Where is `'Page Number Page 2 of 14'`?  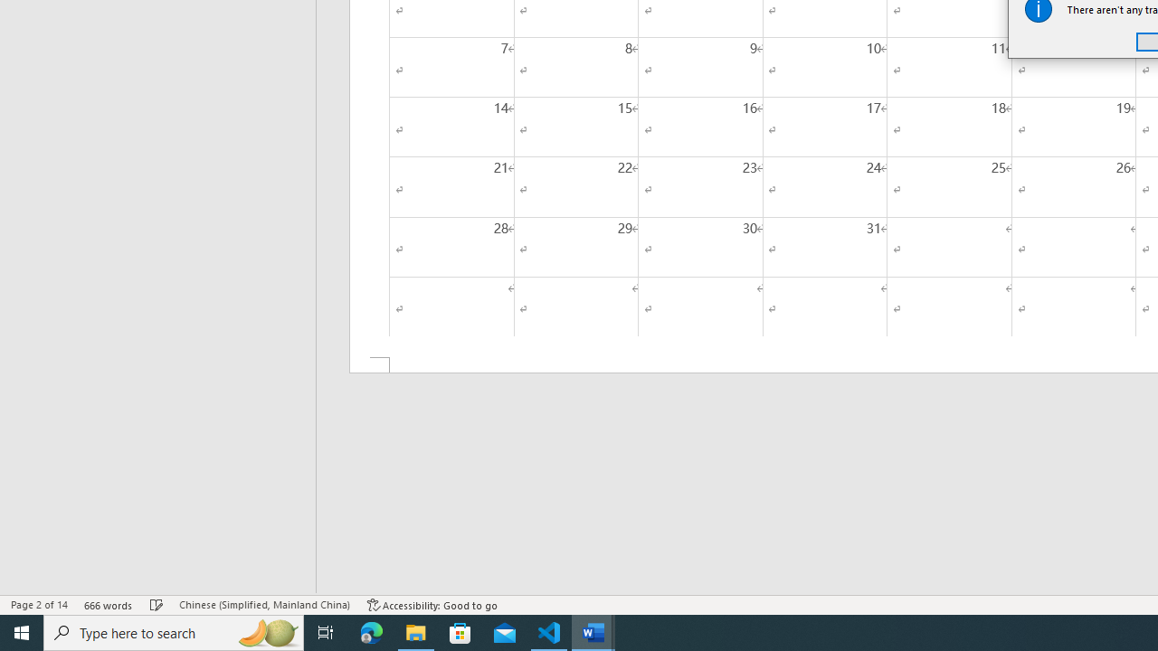 'Page Number Page 2 of 14' is located at coordinates (39, 605).